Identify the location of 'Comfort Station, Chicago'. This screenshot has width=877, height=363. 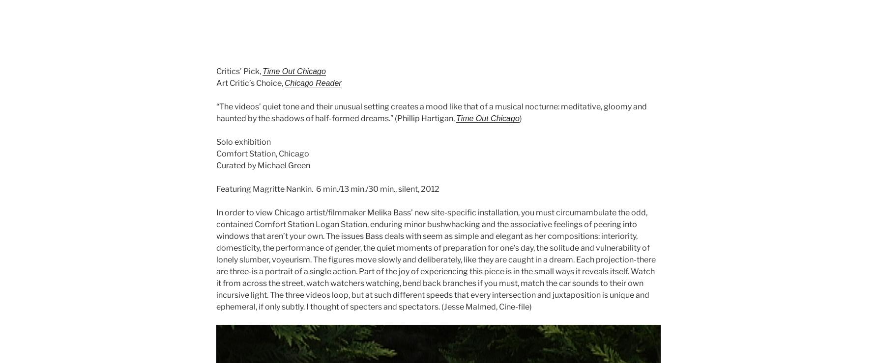
(263, 153).